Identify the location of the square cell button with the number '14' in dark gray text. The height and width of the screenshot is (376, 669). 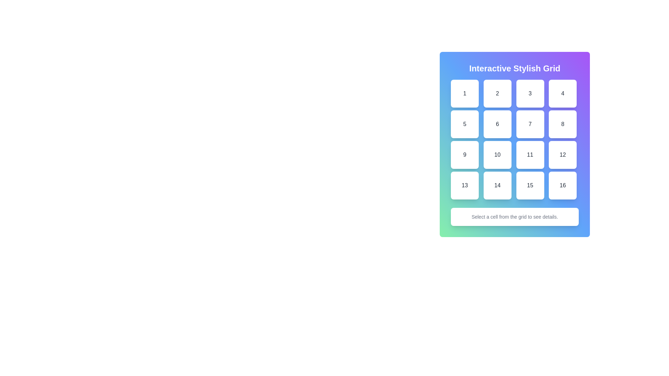
(497, 185).